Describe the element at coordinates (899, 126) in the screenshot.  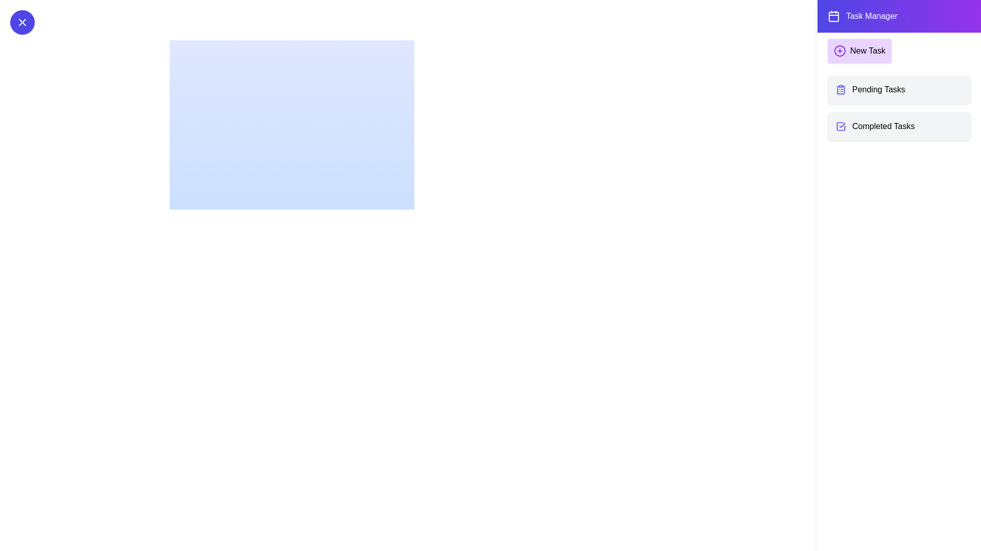
I see `the 'Completed Tasks' item in the drawer` at that location.